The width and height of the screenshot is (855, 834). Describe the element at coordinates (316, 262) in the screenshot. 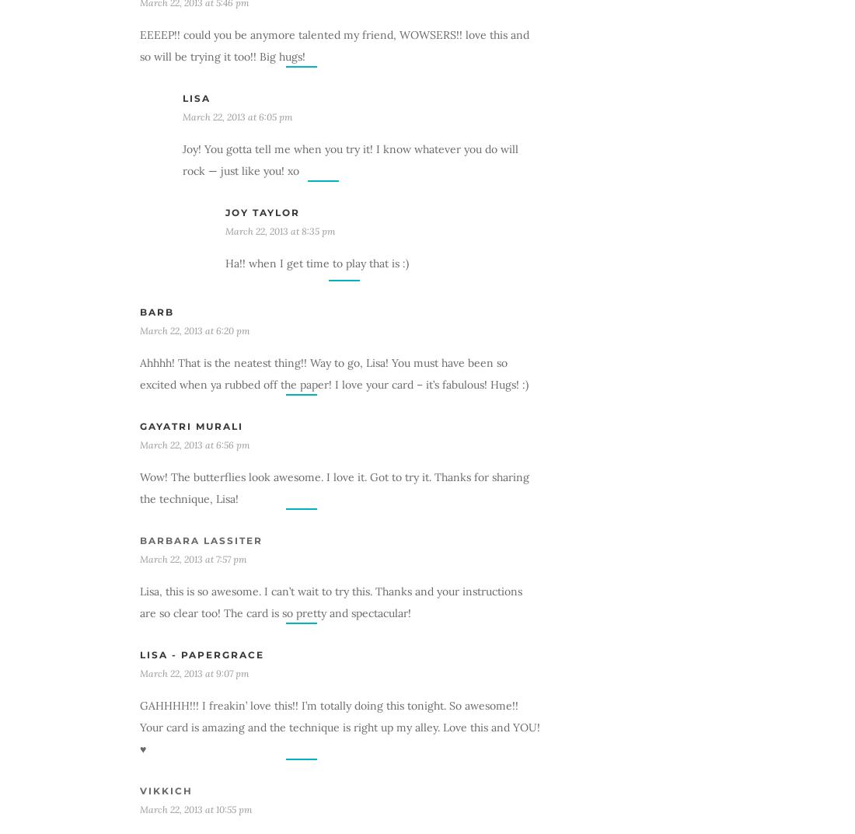

I see `'Ha!! when I get time to play that is :)'` at that location.